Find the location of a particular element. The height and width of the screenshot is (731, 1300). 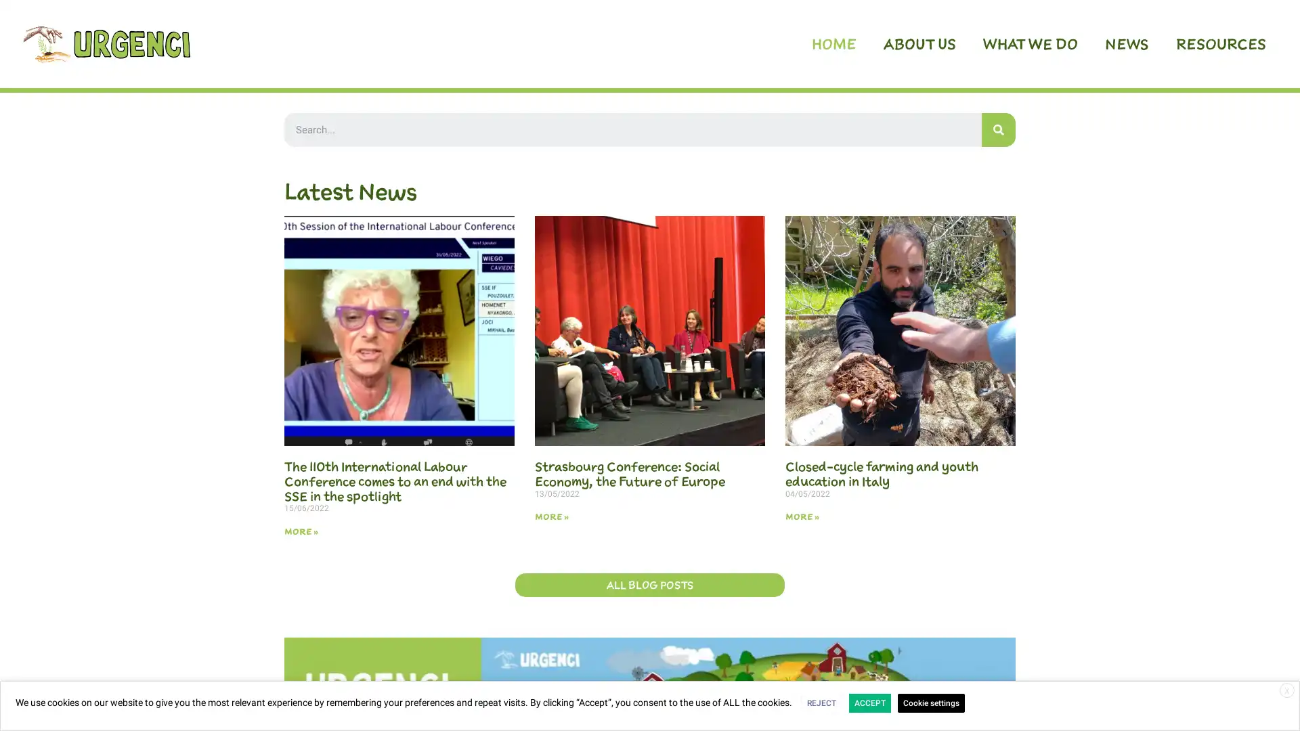

Search is located at coordinates (998, 130).